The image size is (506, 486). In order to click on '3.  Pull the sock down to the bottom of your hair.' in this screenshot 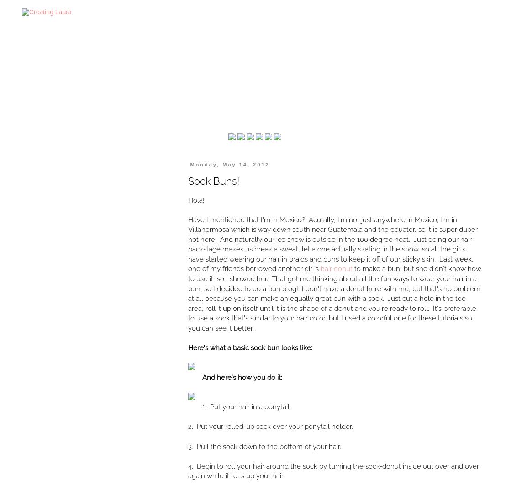, I will do `click(264, 446)`.